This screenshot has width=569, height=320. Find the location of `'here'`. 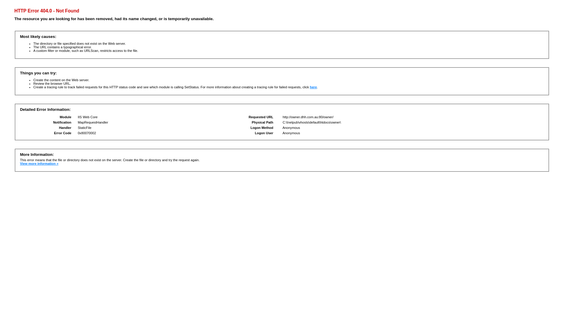

'here' is located at coordinates (313, 87).